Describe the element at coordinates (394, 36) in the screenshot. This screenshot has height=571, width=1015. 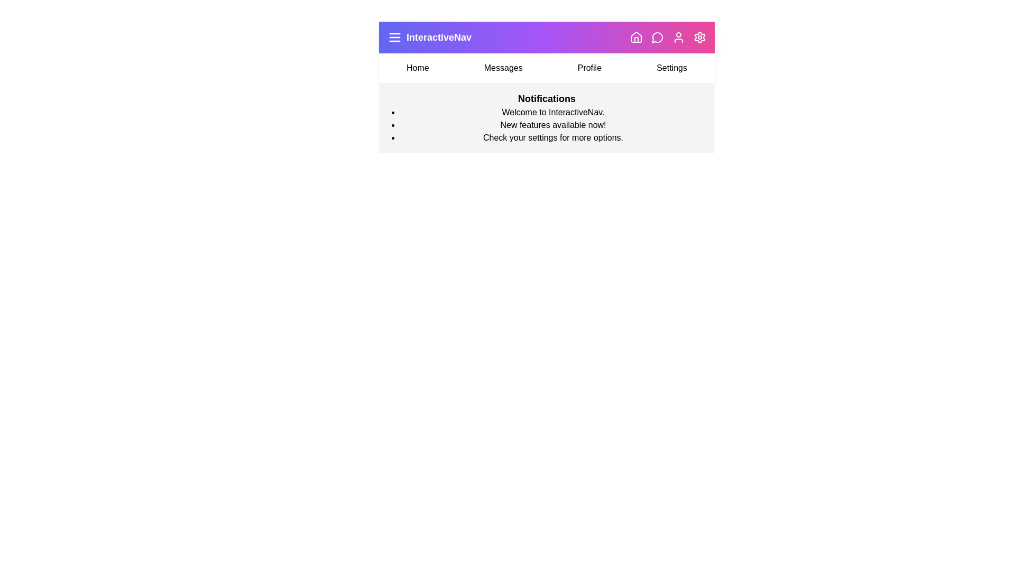
I see `the menu button to toggle the menu visibility` at that location.